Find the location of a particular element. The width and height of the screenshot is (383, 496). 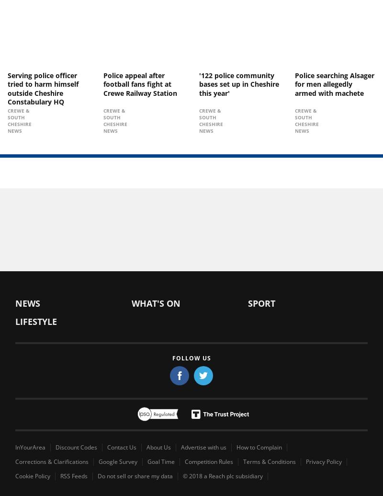

'Google Survey' is located at coordinates (99, 461).